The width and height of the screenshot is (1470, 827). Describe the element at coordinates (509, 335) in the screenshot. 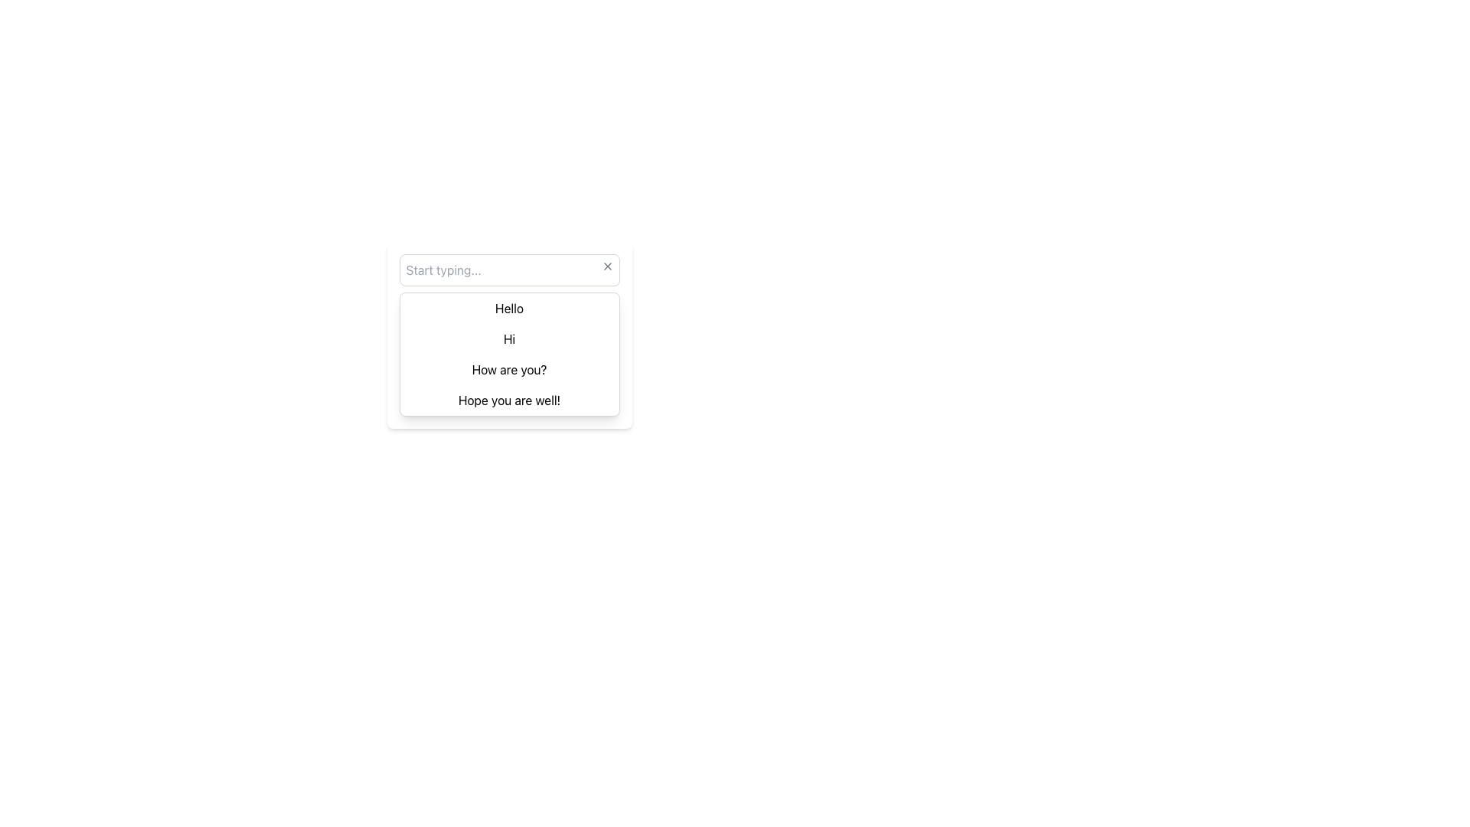

I see `to select the second item in the list positioned between 'Hello' and 'How are you?'` at that location.